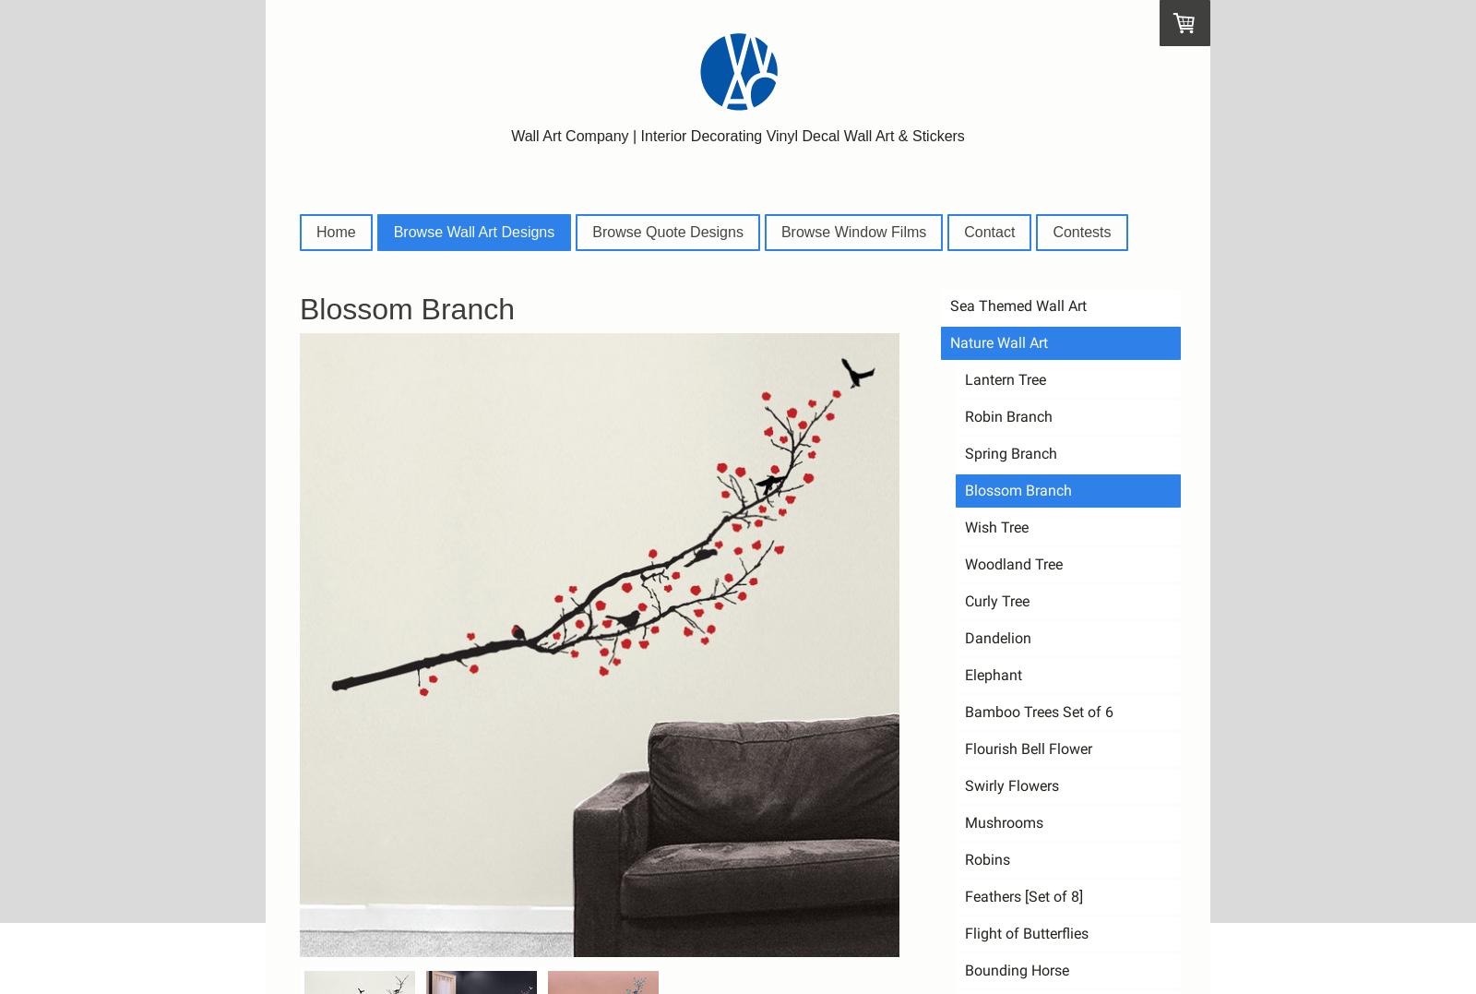 The width and height of the screenshot is (1476, 994). I want to click on 'Bounding Horse', so click(1017, 969).